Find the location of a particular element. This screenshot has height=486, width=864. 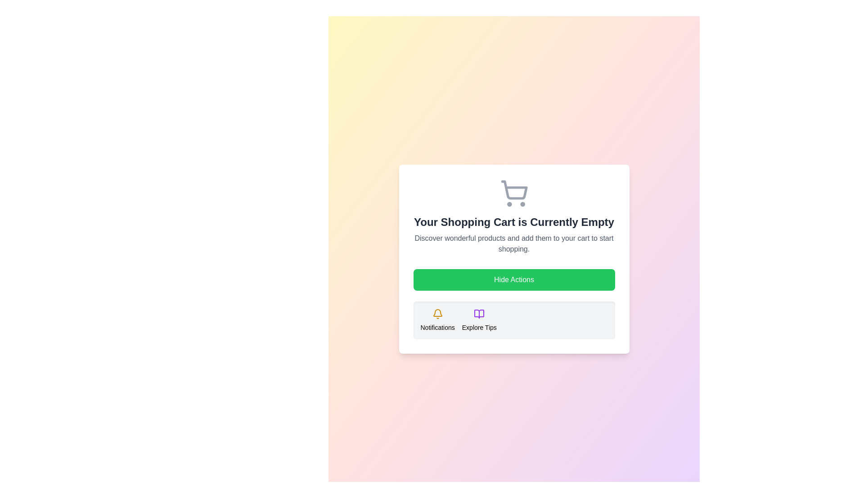

the bright yellow bell-shaped icon associated with notifications to check notifications is located at coordinates (437, 314).